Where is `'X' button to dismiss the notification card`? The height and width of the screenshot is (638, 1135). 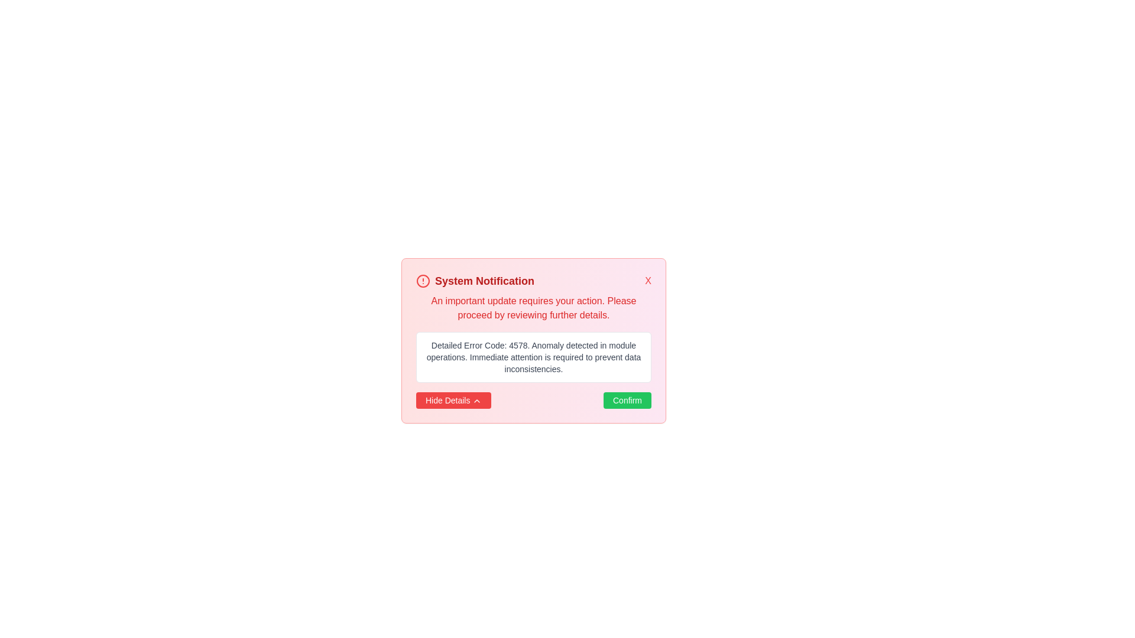 'X' button to dismiss the notification card is located at coordinates (647, 281).